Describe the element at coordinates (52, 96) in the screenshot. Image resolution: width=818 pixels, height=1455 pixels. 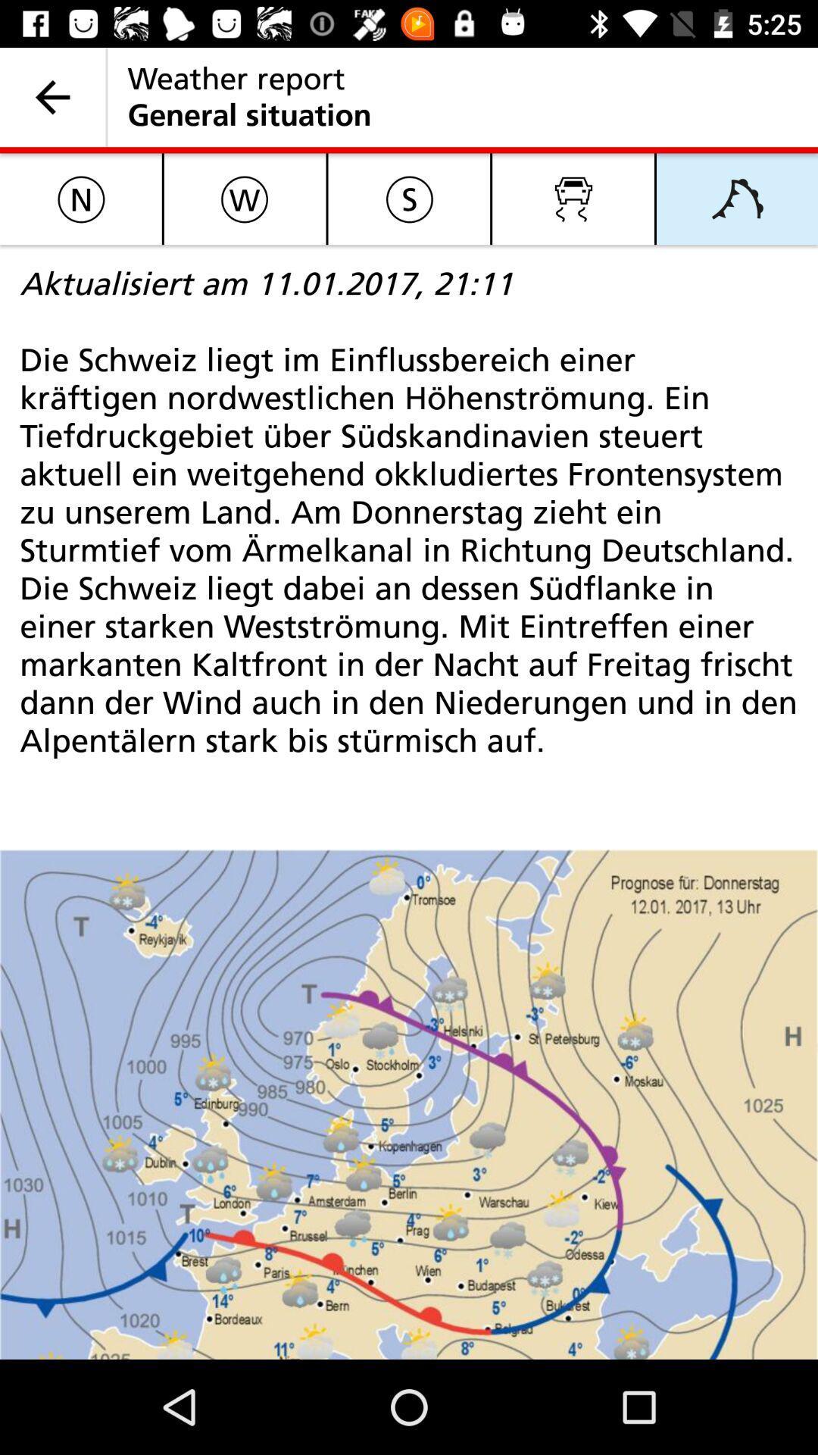
I see `the item to the left of the weather report item` at that location.